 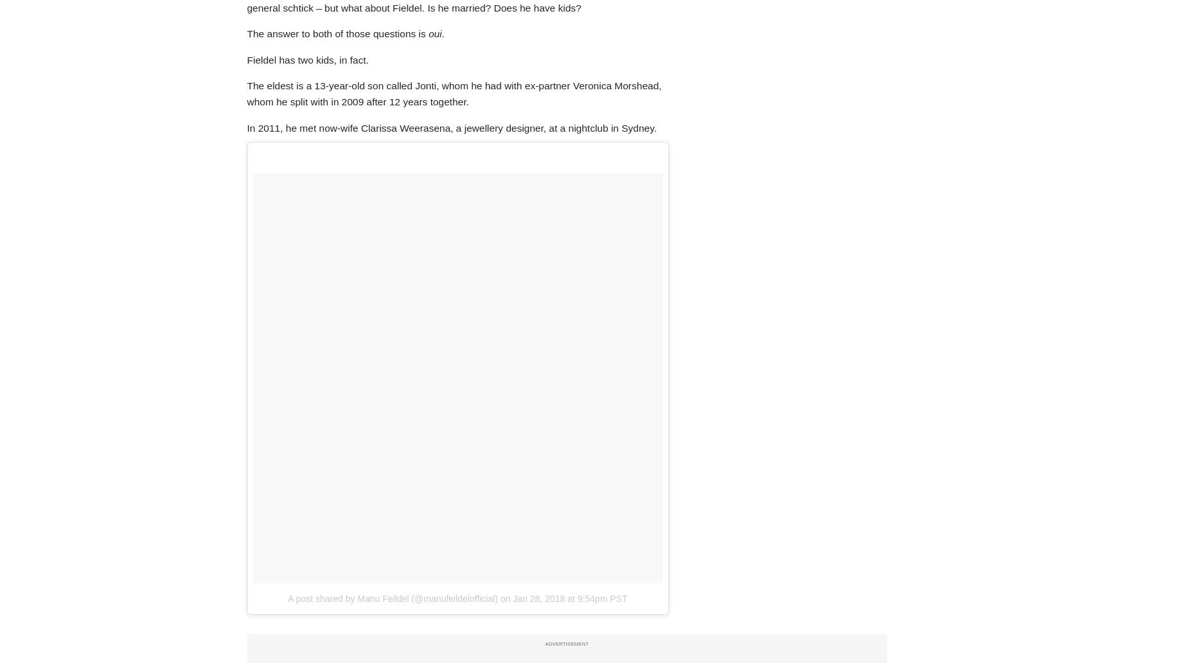 What do you see at coordinates (513, 597) in the screenshot?
I see `'Jan 28, 2018 at 9:54pm PST'` at bounding box center [513, 597].